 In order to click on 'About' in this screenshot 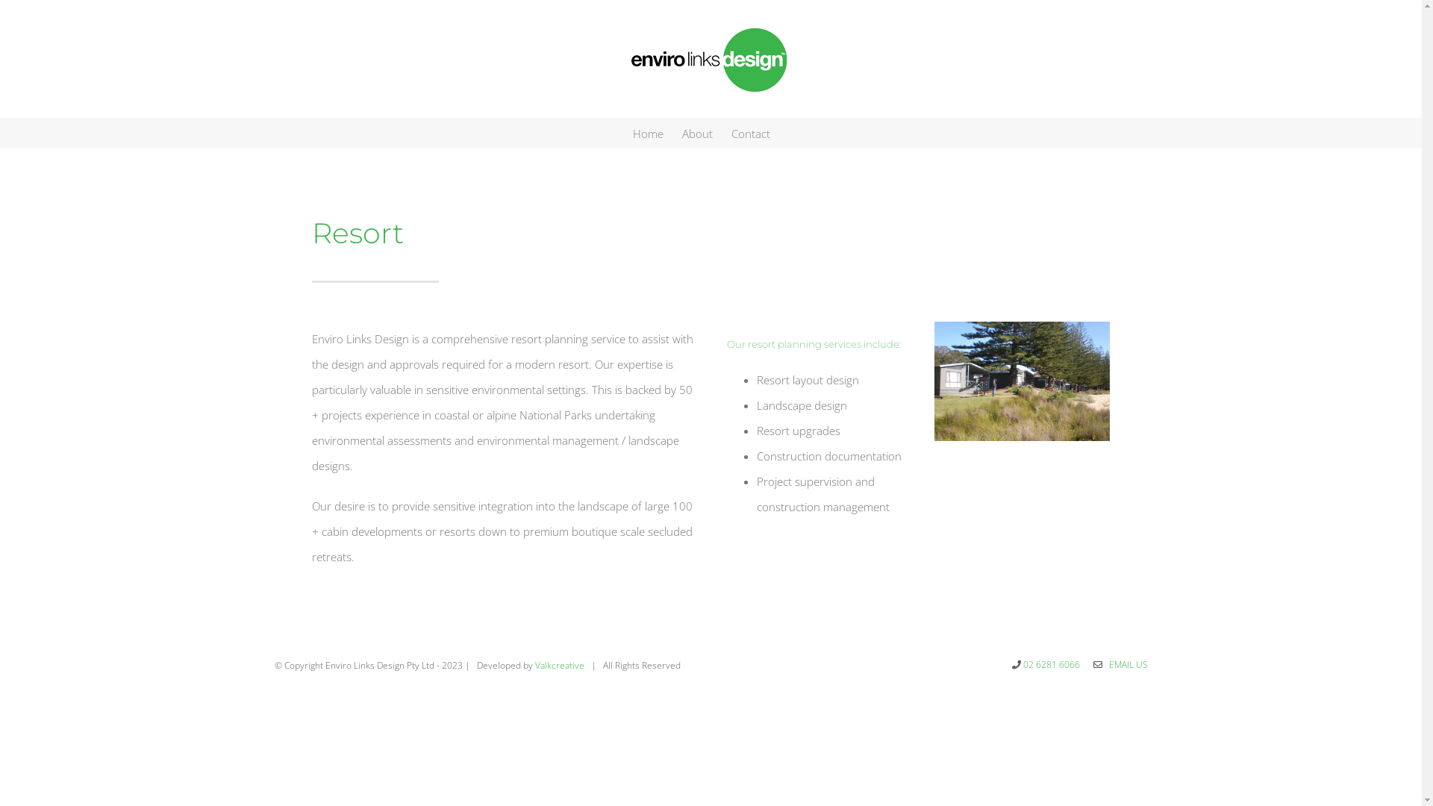, I will do `click(696, 131)`.